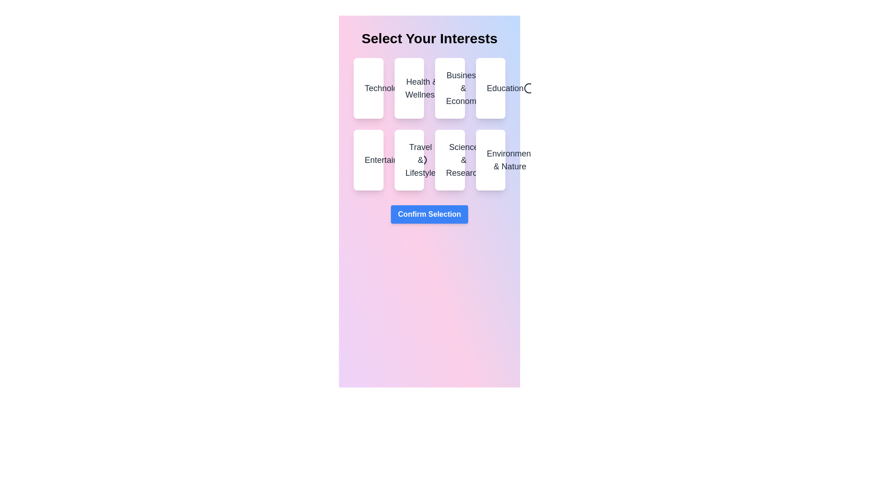  What do you see at coordinates (450, 159) in the screenshot?
I see `the category Science & Research to see the hover effect` at bounding box center [450, 159].